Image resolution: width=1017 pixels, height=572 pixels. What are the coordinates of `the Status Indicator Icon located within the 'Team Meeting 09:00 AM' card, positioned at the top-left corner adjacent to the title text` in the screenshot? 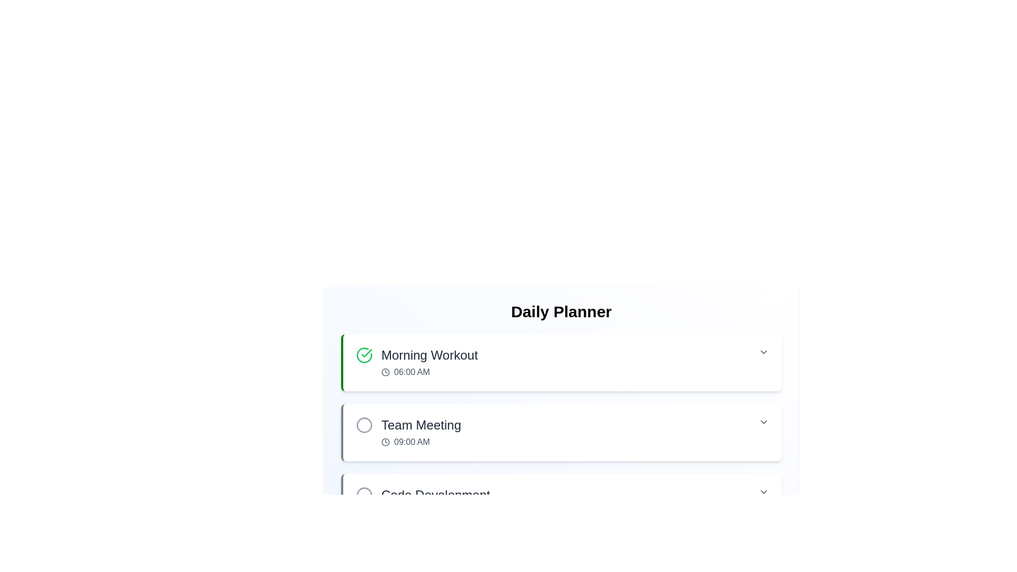 It's located at (369, 424).